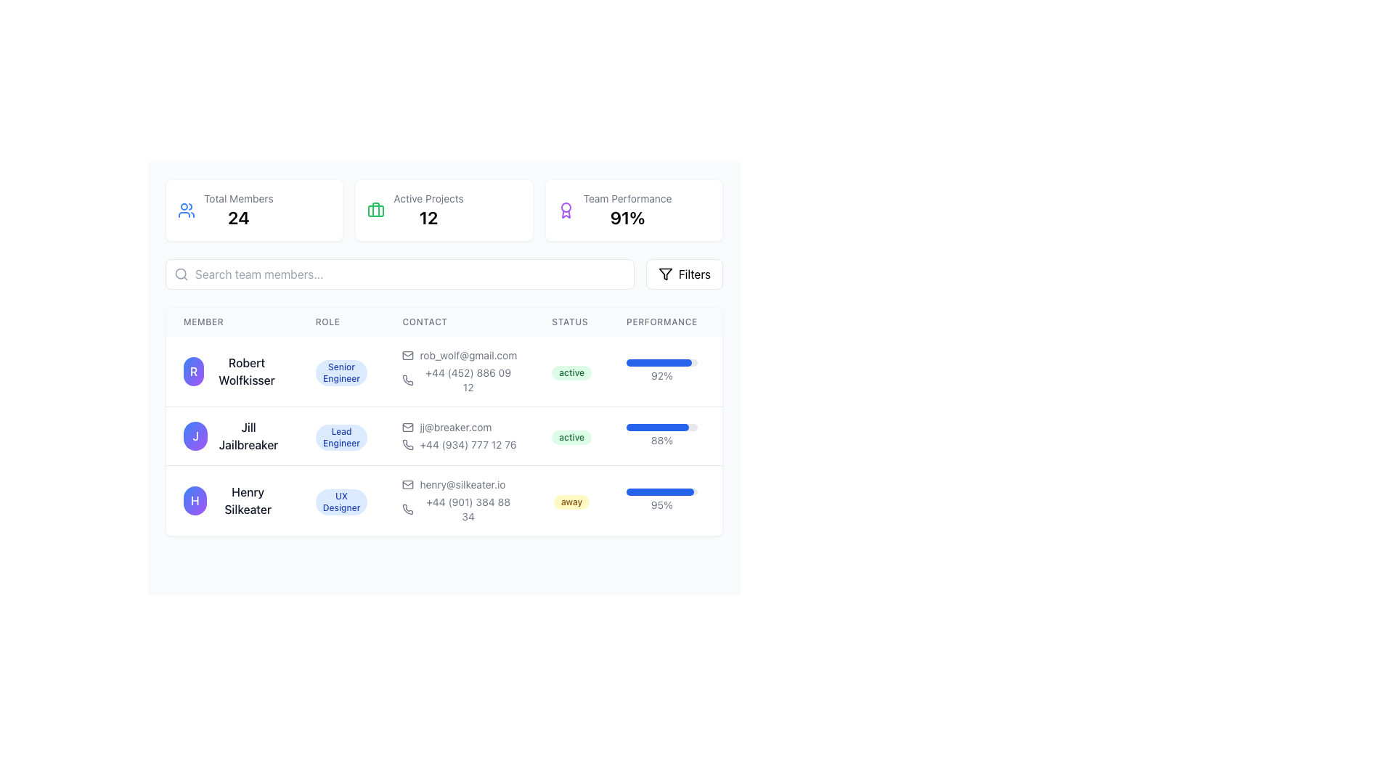 This screenshot has width=1394, height=784. What do you see at coordinates (571, 501) in the screenshot?
I see `the badge displaying 'away' status for 'Henry Silkeater'` at bounding box center [571, 501].